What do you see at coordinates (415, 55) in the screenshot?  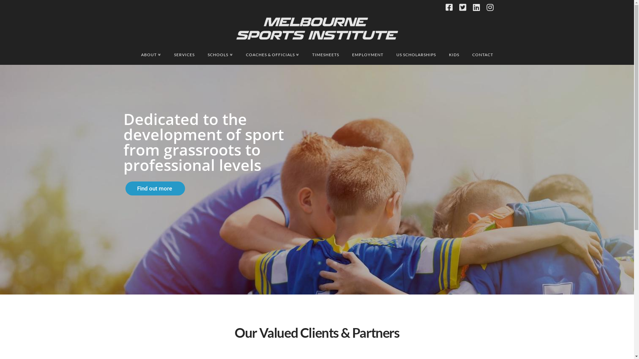 I see `'US SCHOLARSHIPS'` at bounding box center [415, 55].